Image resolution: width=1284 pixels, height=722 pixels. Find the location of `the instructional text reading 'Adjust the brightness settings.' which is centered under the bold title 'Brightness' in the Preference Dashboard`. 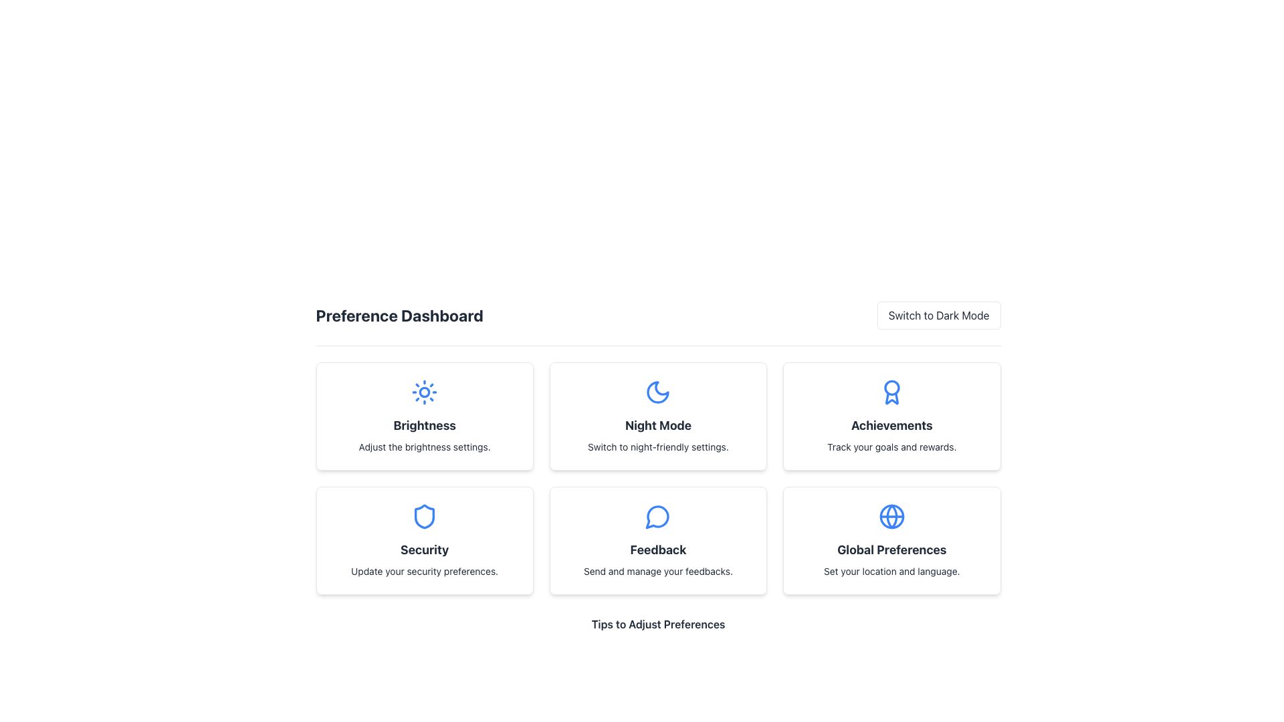

the instructional text reading 'Adjust the brightness settings.' which is centered under the bold title 'Brightness' in the Preference Dashboard is located at coordinates (424, 447).